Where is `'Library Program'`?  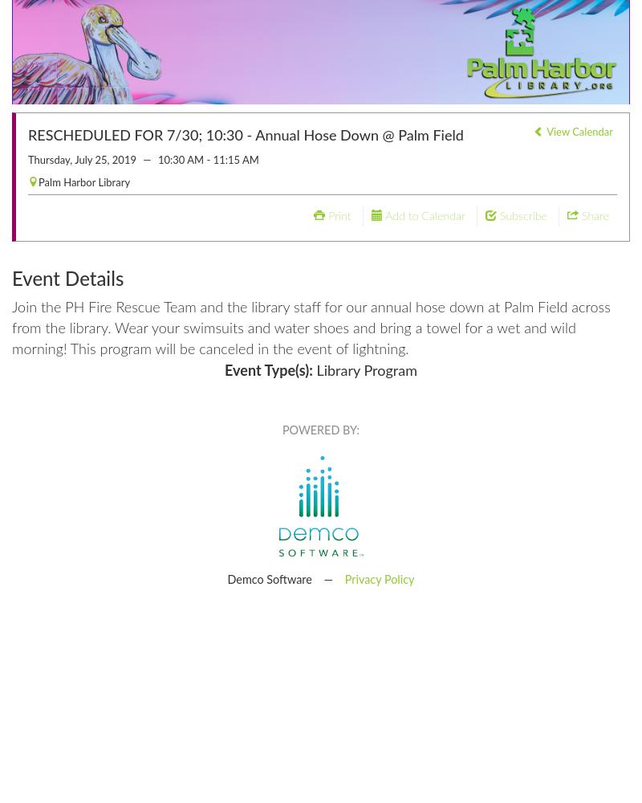 'Library Program' is located at coordinates (311, 371).